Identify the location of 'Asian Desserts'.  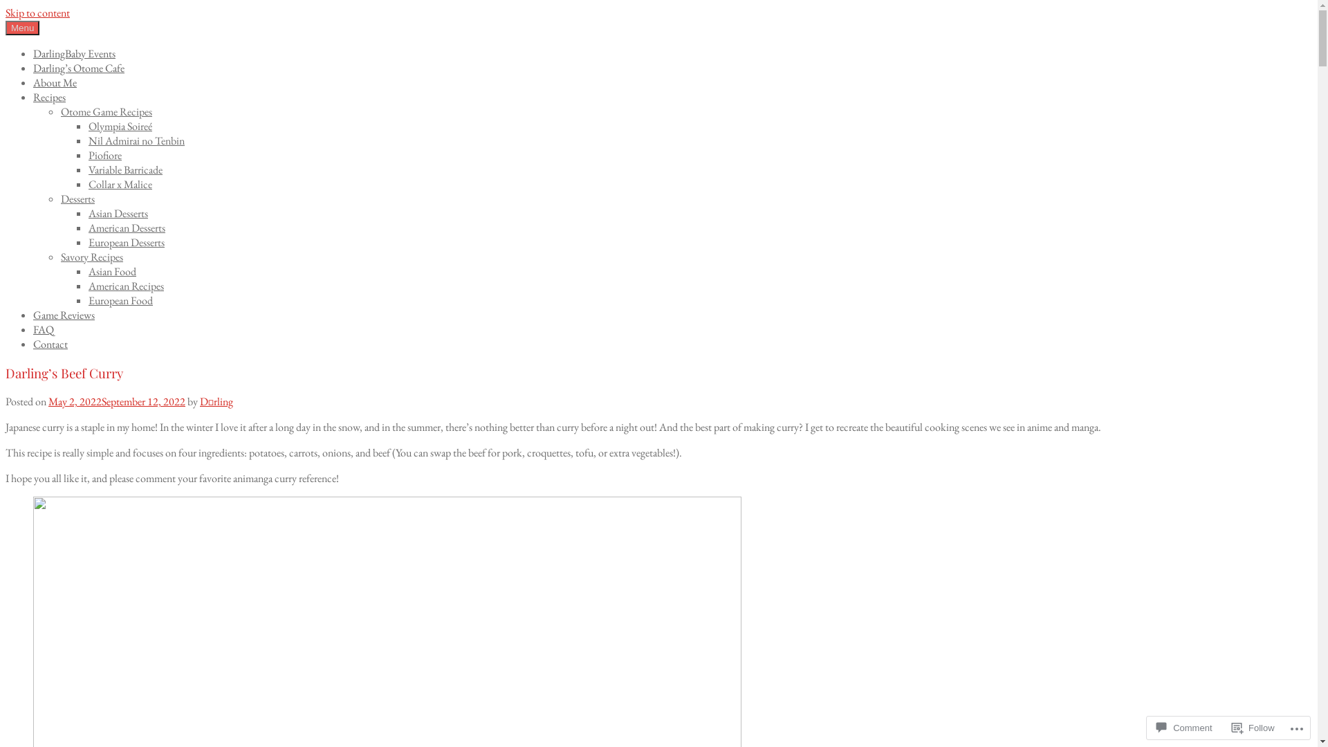
(118, 213).